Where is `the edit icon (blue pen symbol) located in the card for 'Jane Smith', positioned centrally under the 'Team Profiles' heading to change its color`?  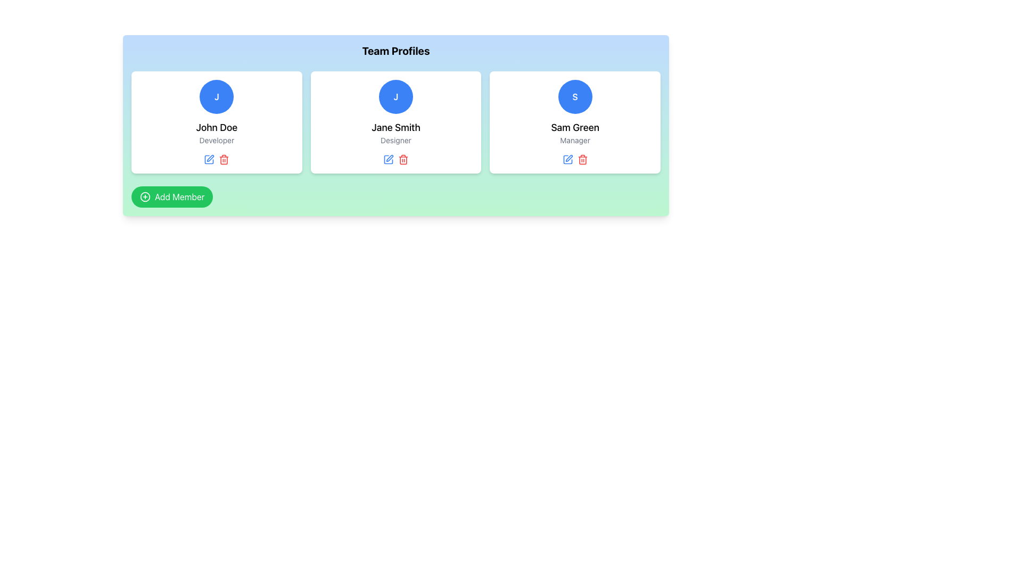 the edit icon (blue pen symbol) located in the card for 'Jane Smith', positioned centrally under the 'Team Profiles' heading to change its color is located at coordinates (388, 160).